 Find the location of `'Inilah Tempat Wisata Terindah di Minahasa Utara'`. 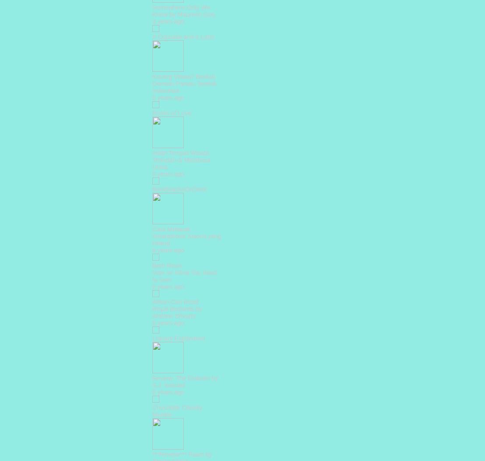

'Inilah Tempat Wisata Terindah di Minahasa Utara' is located at coordinates (181, 159).